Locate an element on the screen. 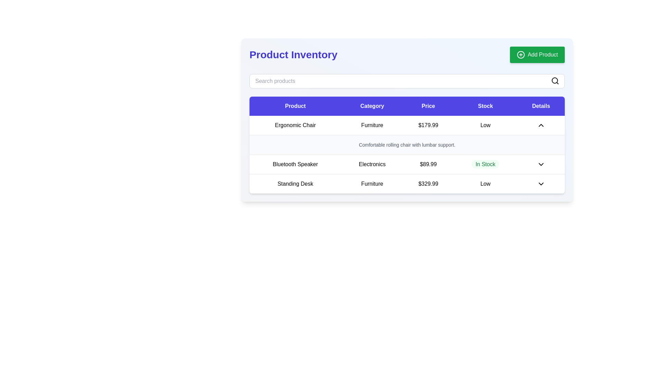  the downward-pointing chevron icon in the 'Details' column of the second row of the table is located at coordinates (540, 164).